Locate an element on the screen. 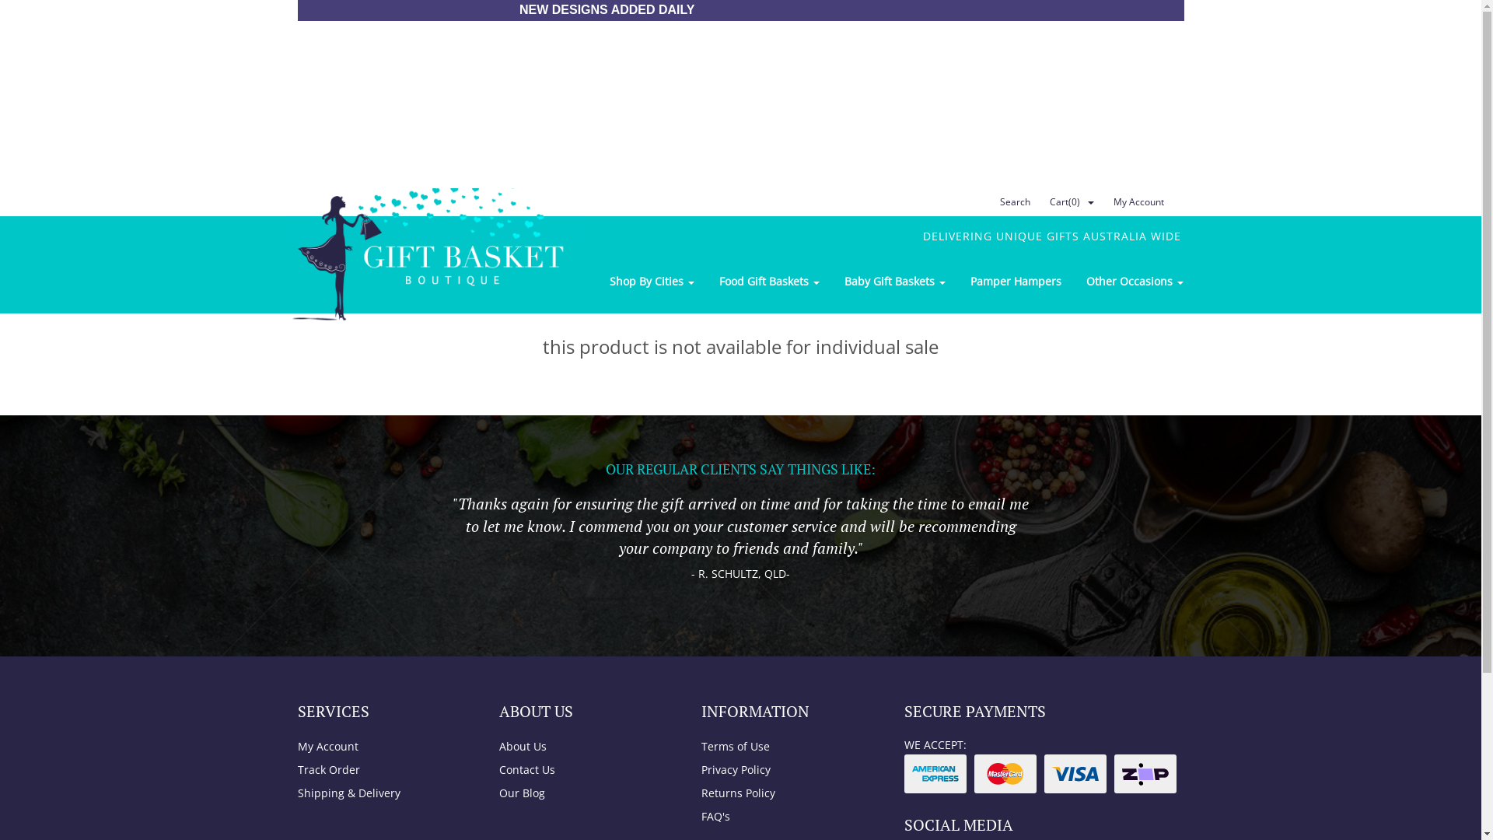  'Terms of Use' is located at coordinates (689, 746).